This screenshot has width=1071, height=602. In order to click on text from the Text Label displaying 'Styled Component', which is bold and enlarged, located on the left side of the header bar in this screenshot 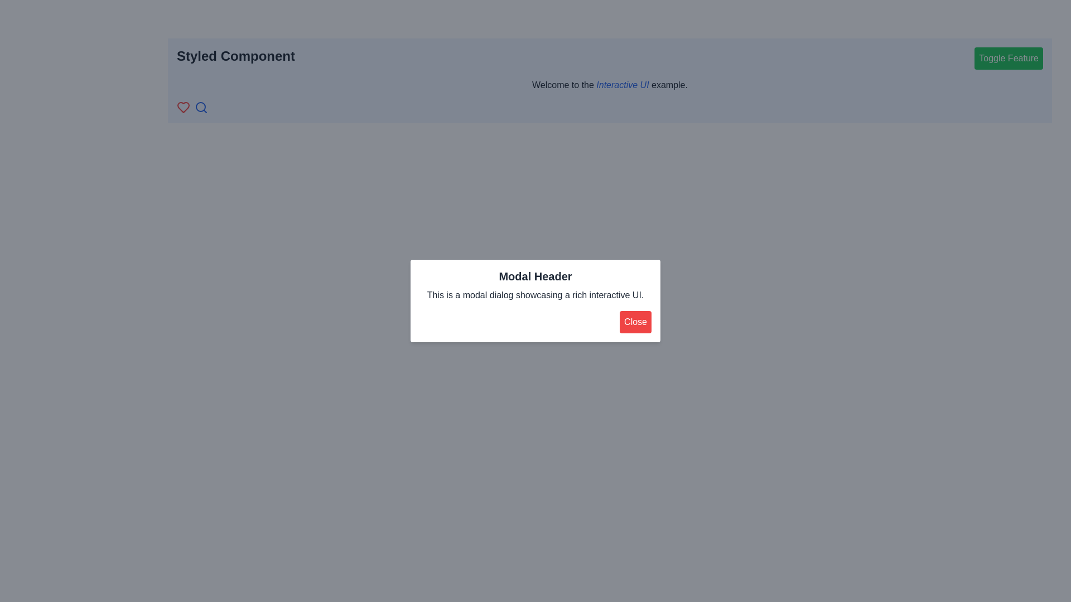, I will do `click(235, 58)`.